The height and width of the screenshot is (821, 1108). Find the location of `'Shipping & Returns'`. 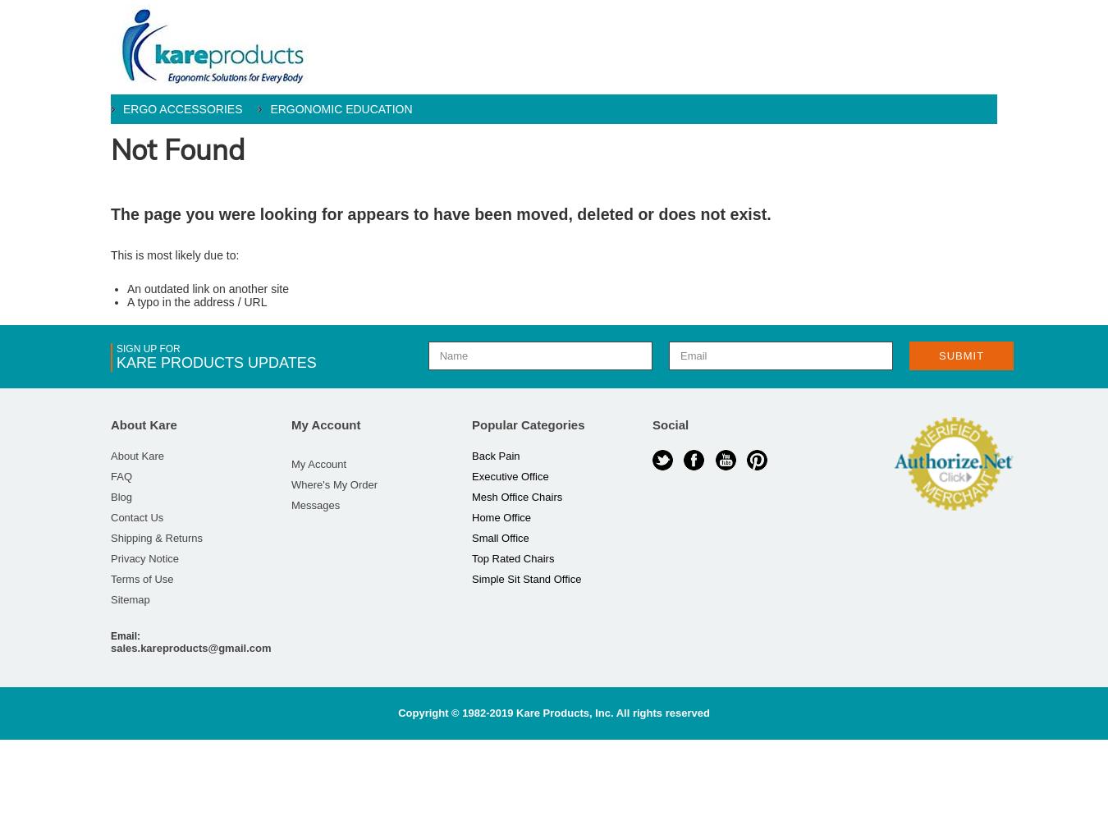

'Shipping & Returns' is located at coordinates (157, 538).